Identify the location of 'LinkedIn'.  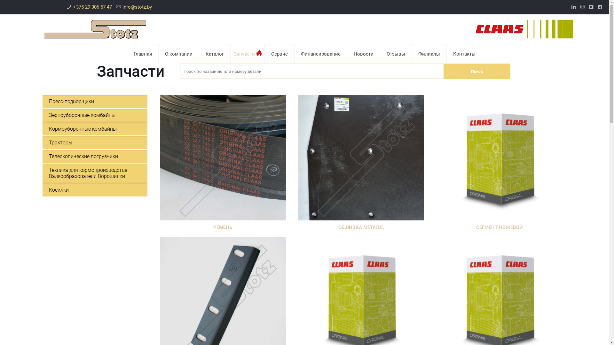
(291, 333).